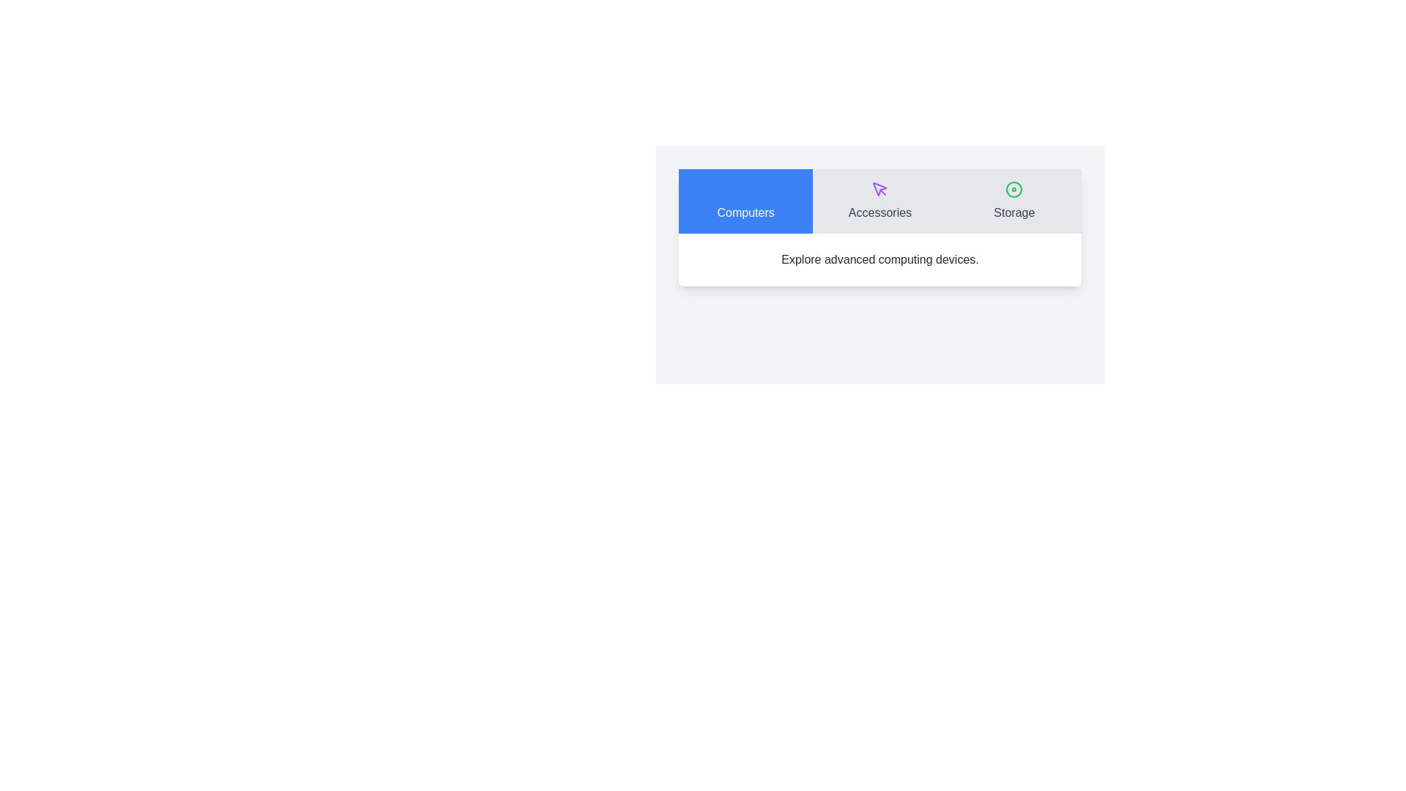  What do you see at coordinates (946, 233) in the screenshot?
I see `the descriptive text corresponding to the Storage tab` at bounding box center [946, 233].